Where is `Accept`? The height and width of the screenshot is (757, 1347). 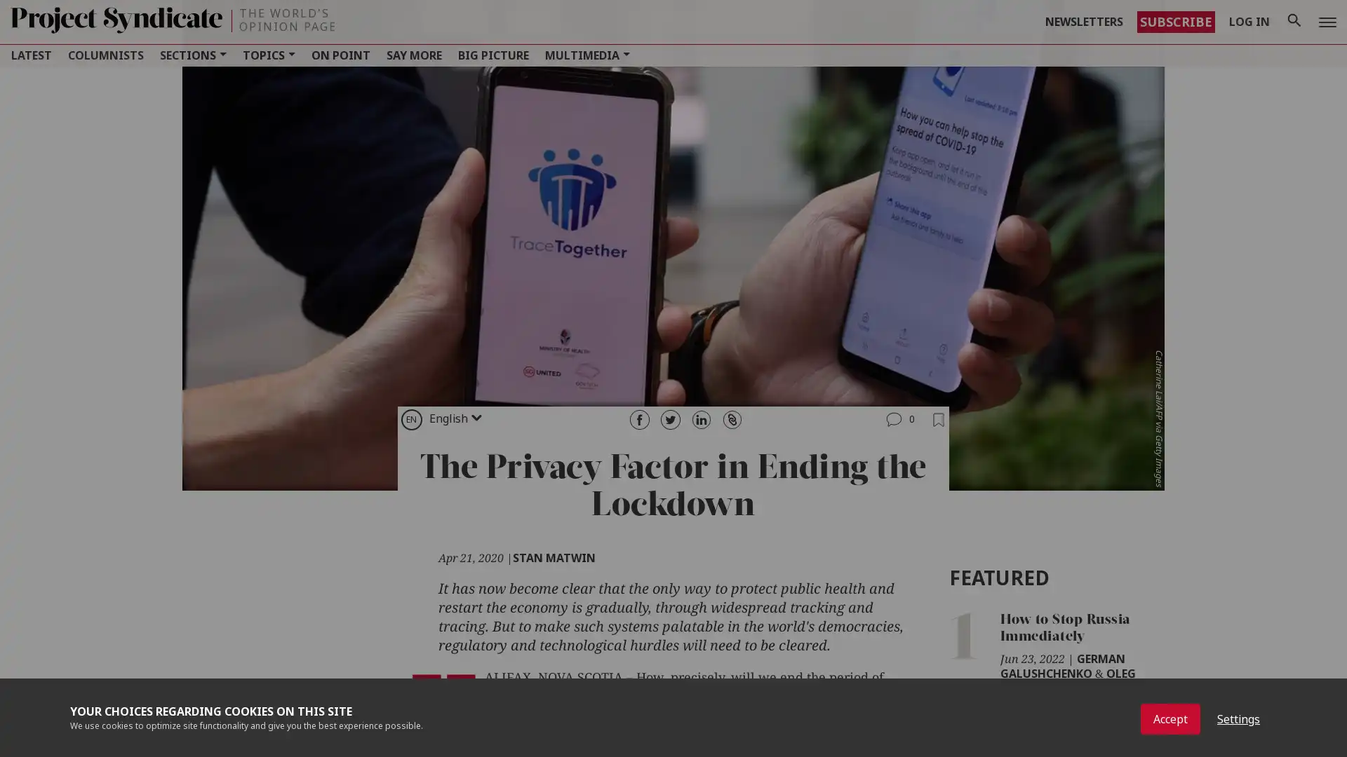 Accept is located at coordinates (1170, 719).